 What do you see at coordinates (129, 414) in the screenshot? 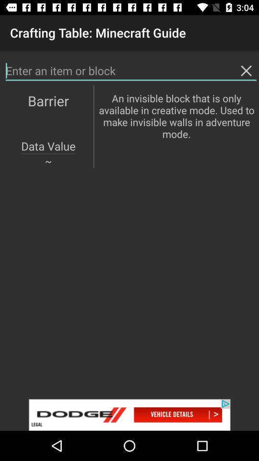
I see `advert` at bounding box center [129, 414].